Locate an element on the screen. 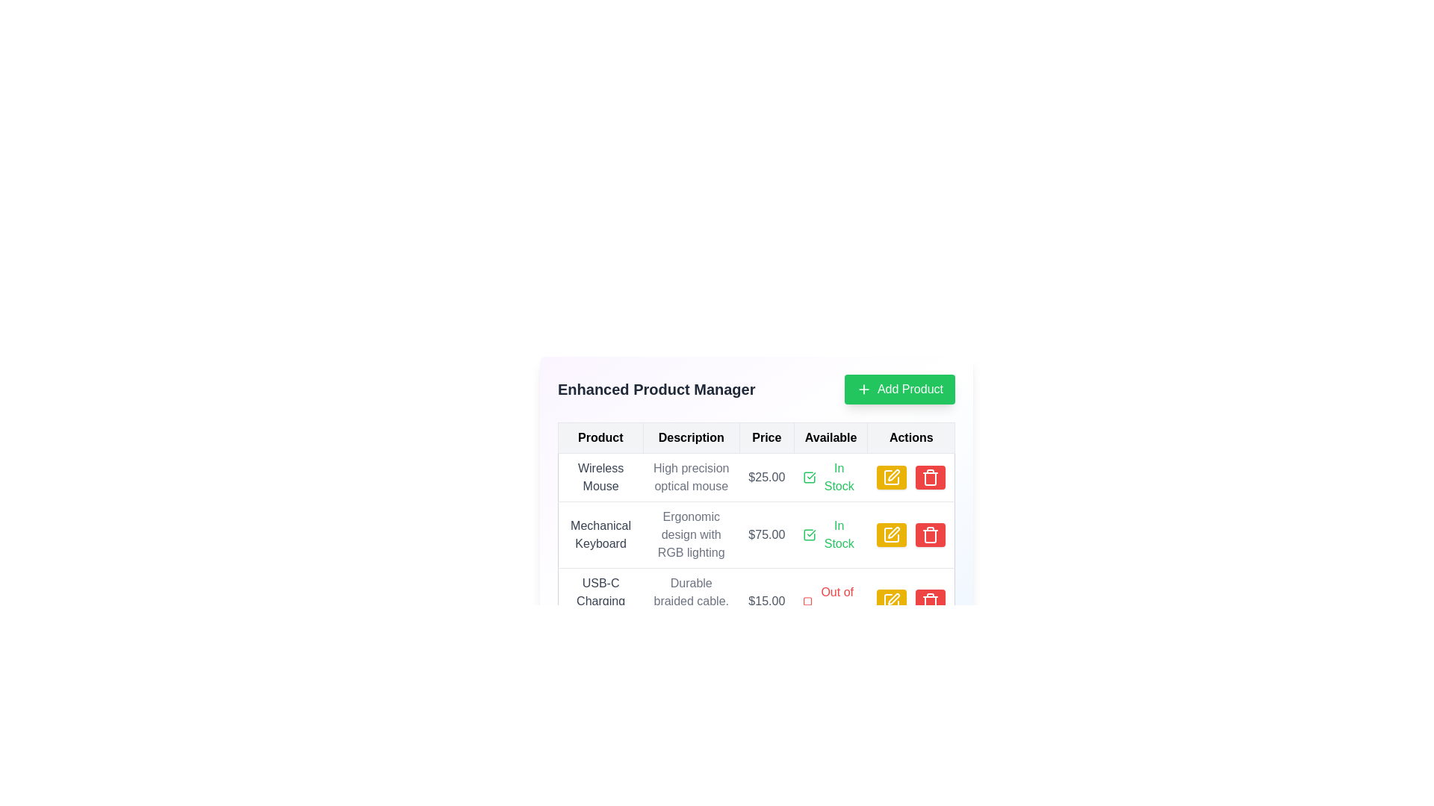 The image size is (1434, 806). the 'Out of Stock' icon in the third row of the data table, located in the 'Available' column next to the text 'Out of Stock' for the 'USB-C Charging' product is located at coordinates (807, 601).